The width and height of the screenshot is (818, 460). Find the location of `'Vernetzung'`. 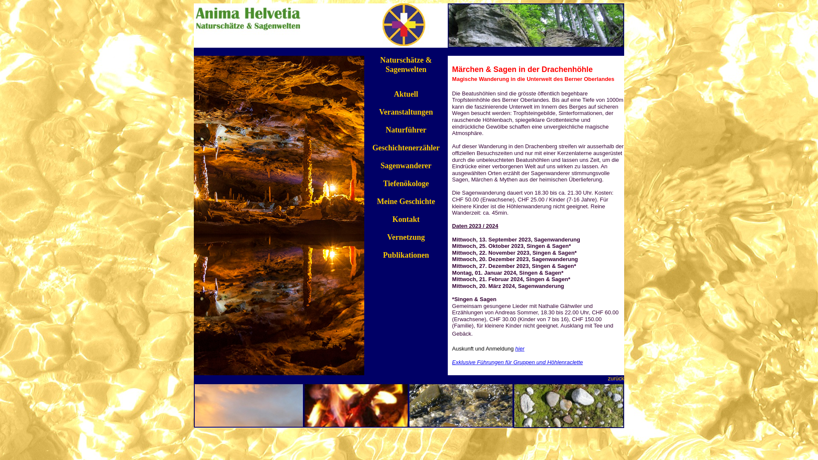

'Vernetzung' is located at coordinates (386, 237).